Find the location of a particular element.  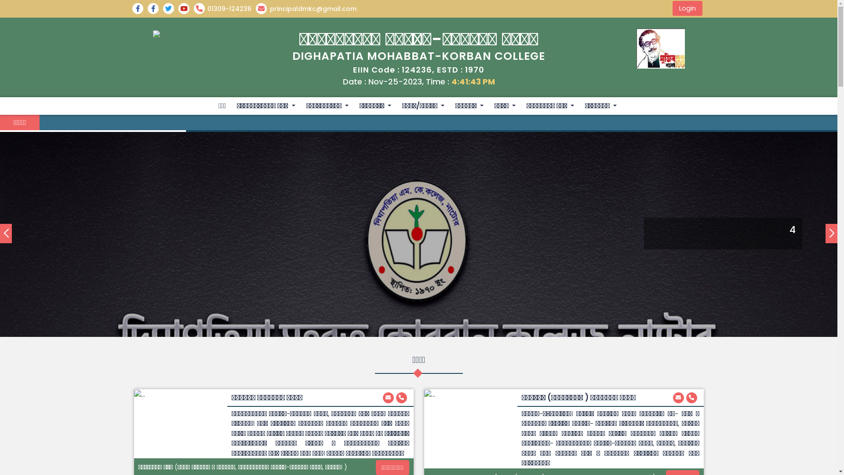

'Facebook Group' is located at coordinates (139, 8).